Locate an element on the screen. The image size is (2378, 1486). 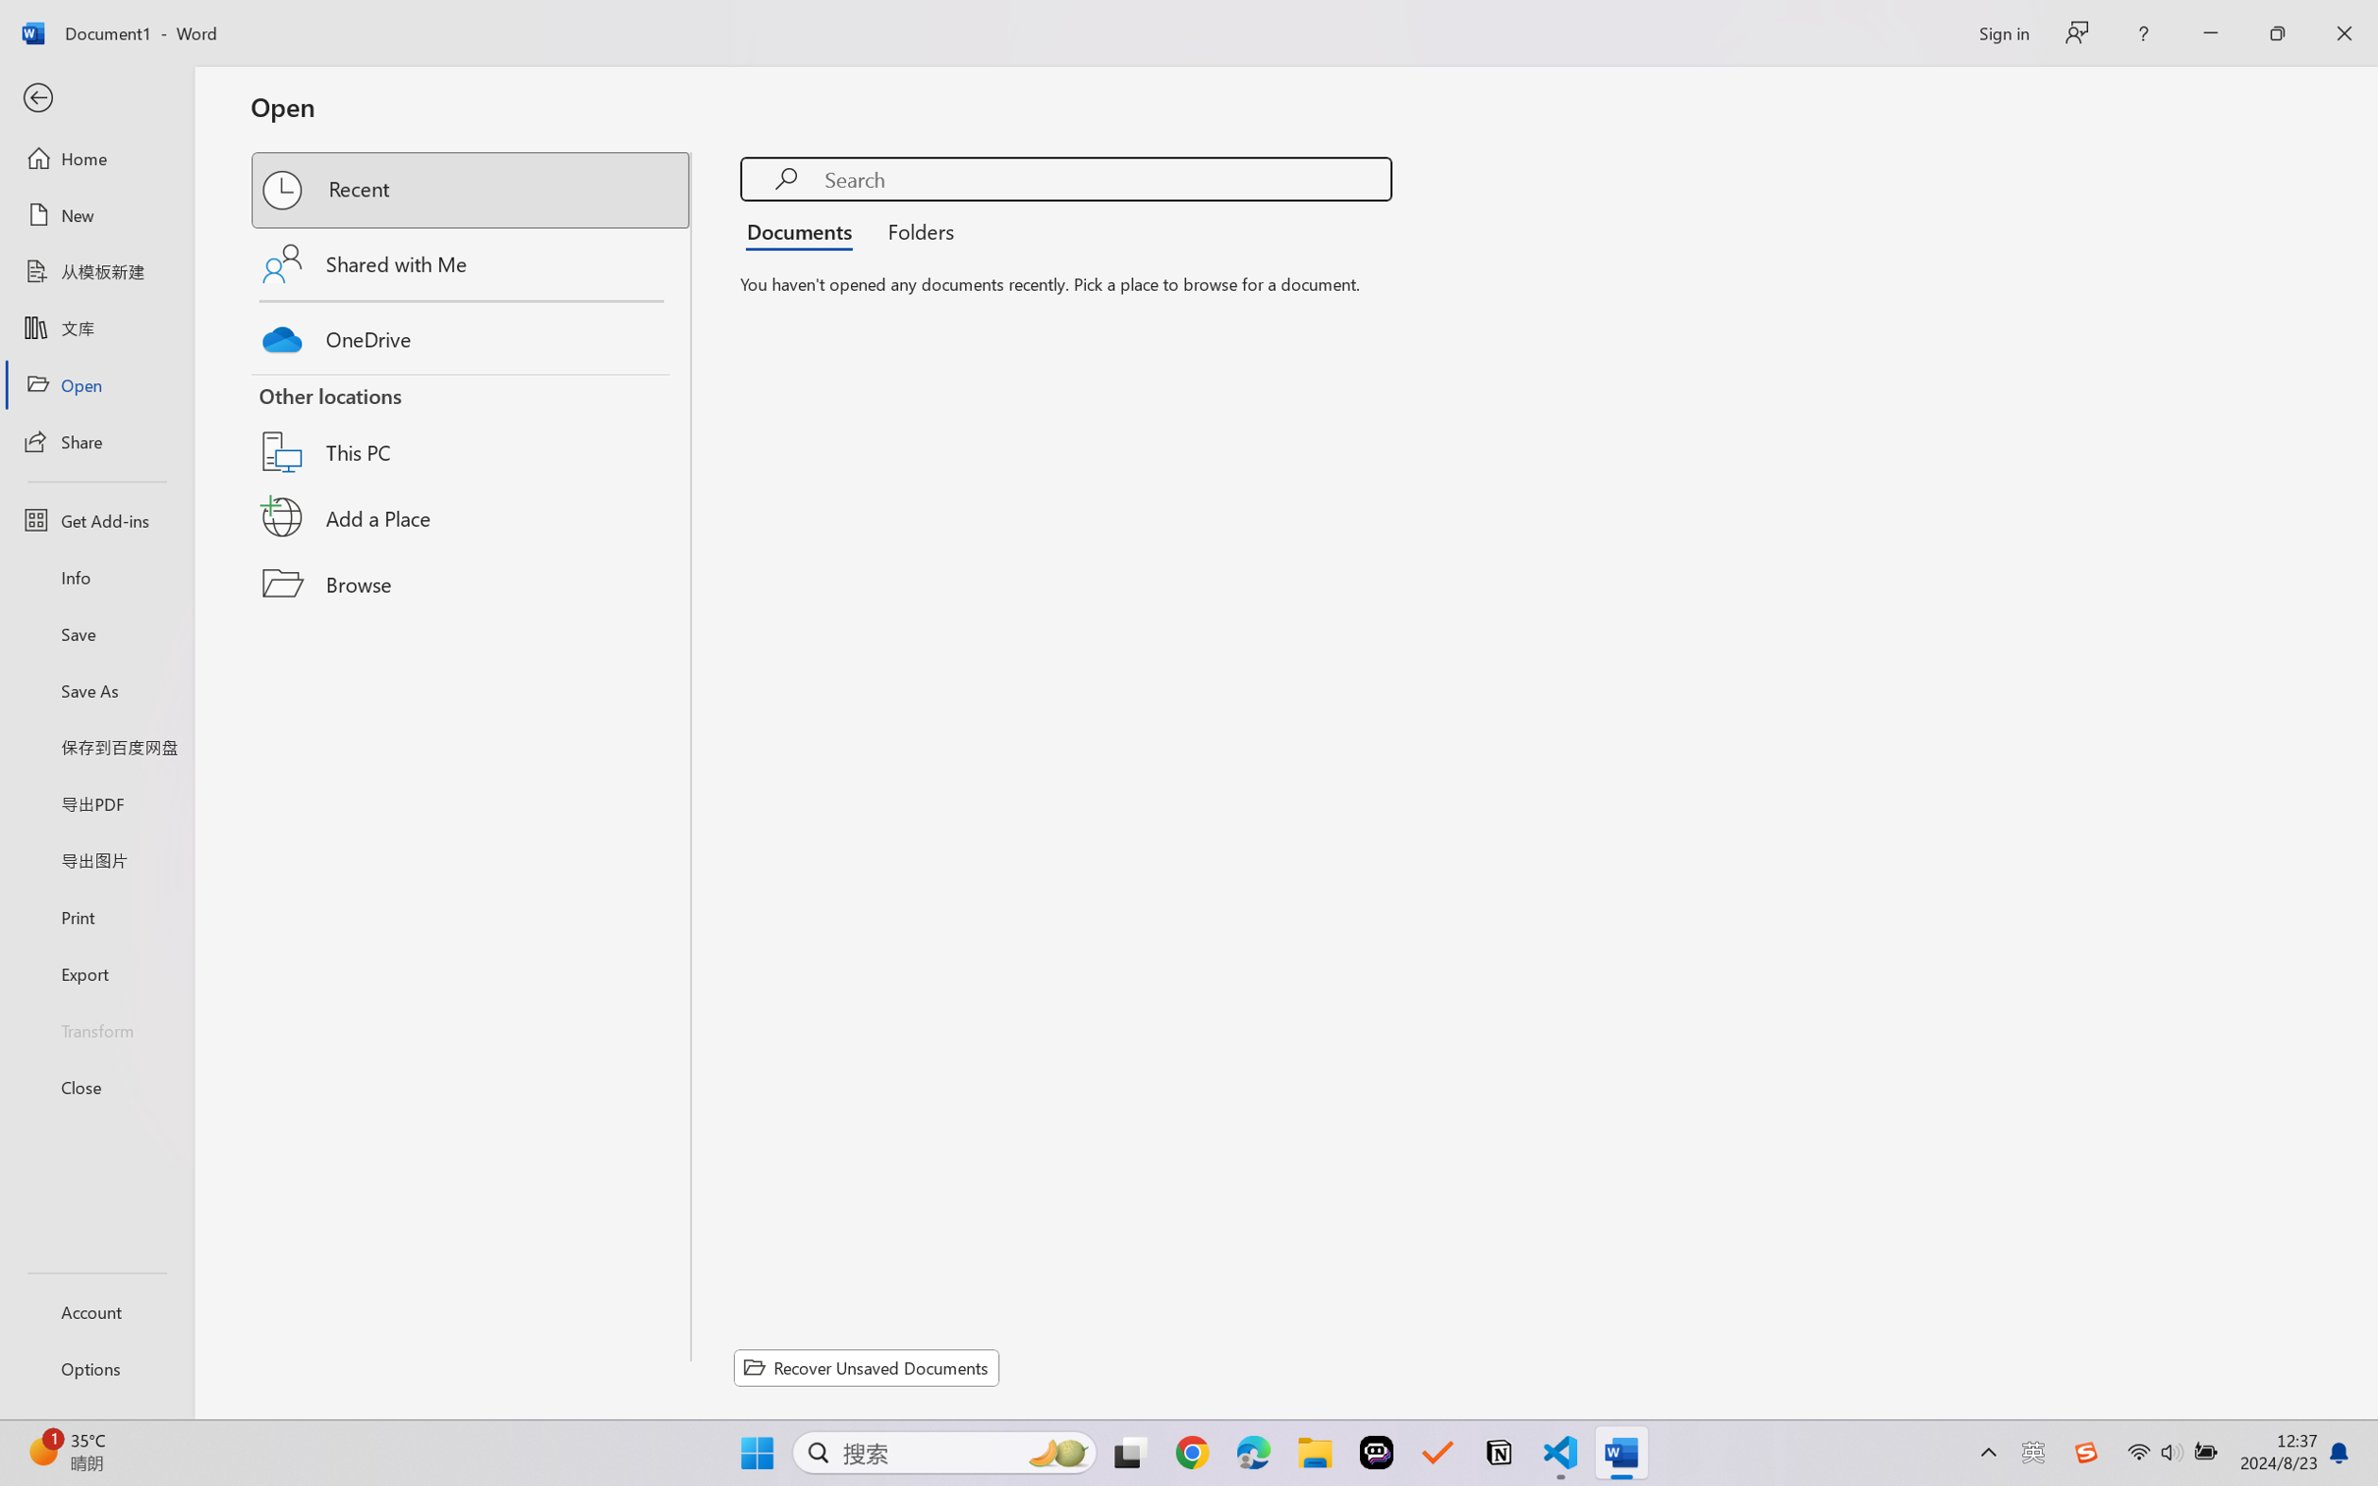
'Export' is located at coordinates (95, 972).